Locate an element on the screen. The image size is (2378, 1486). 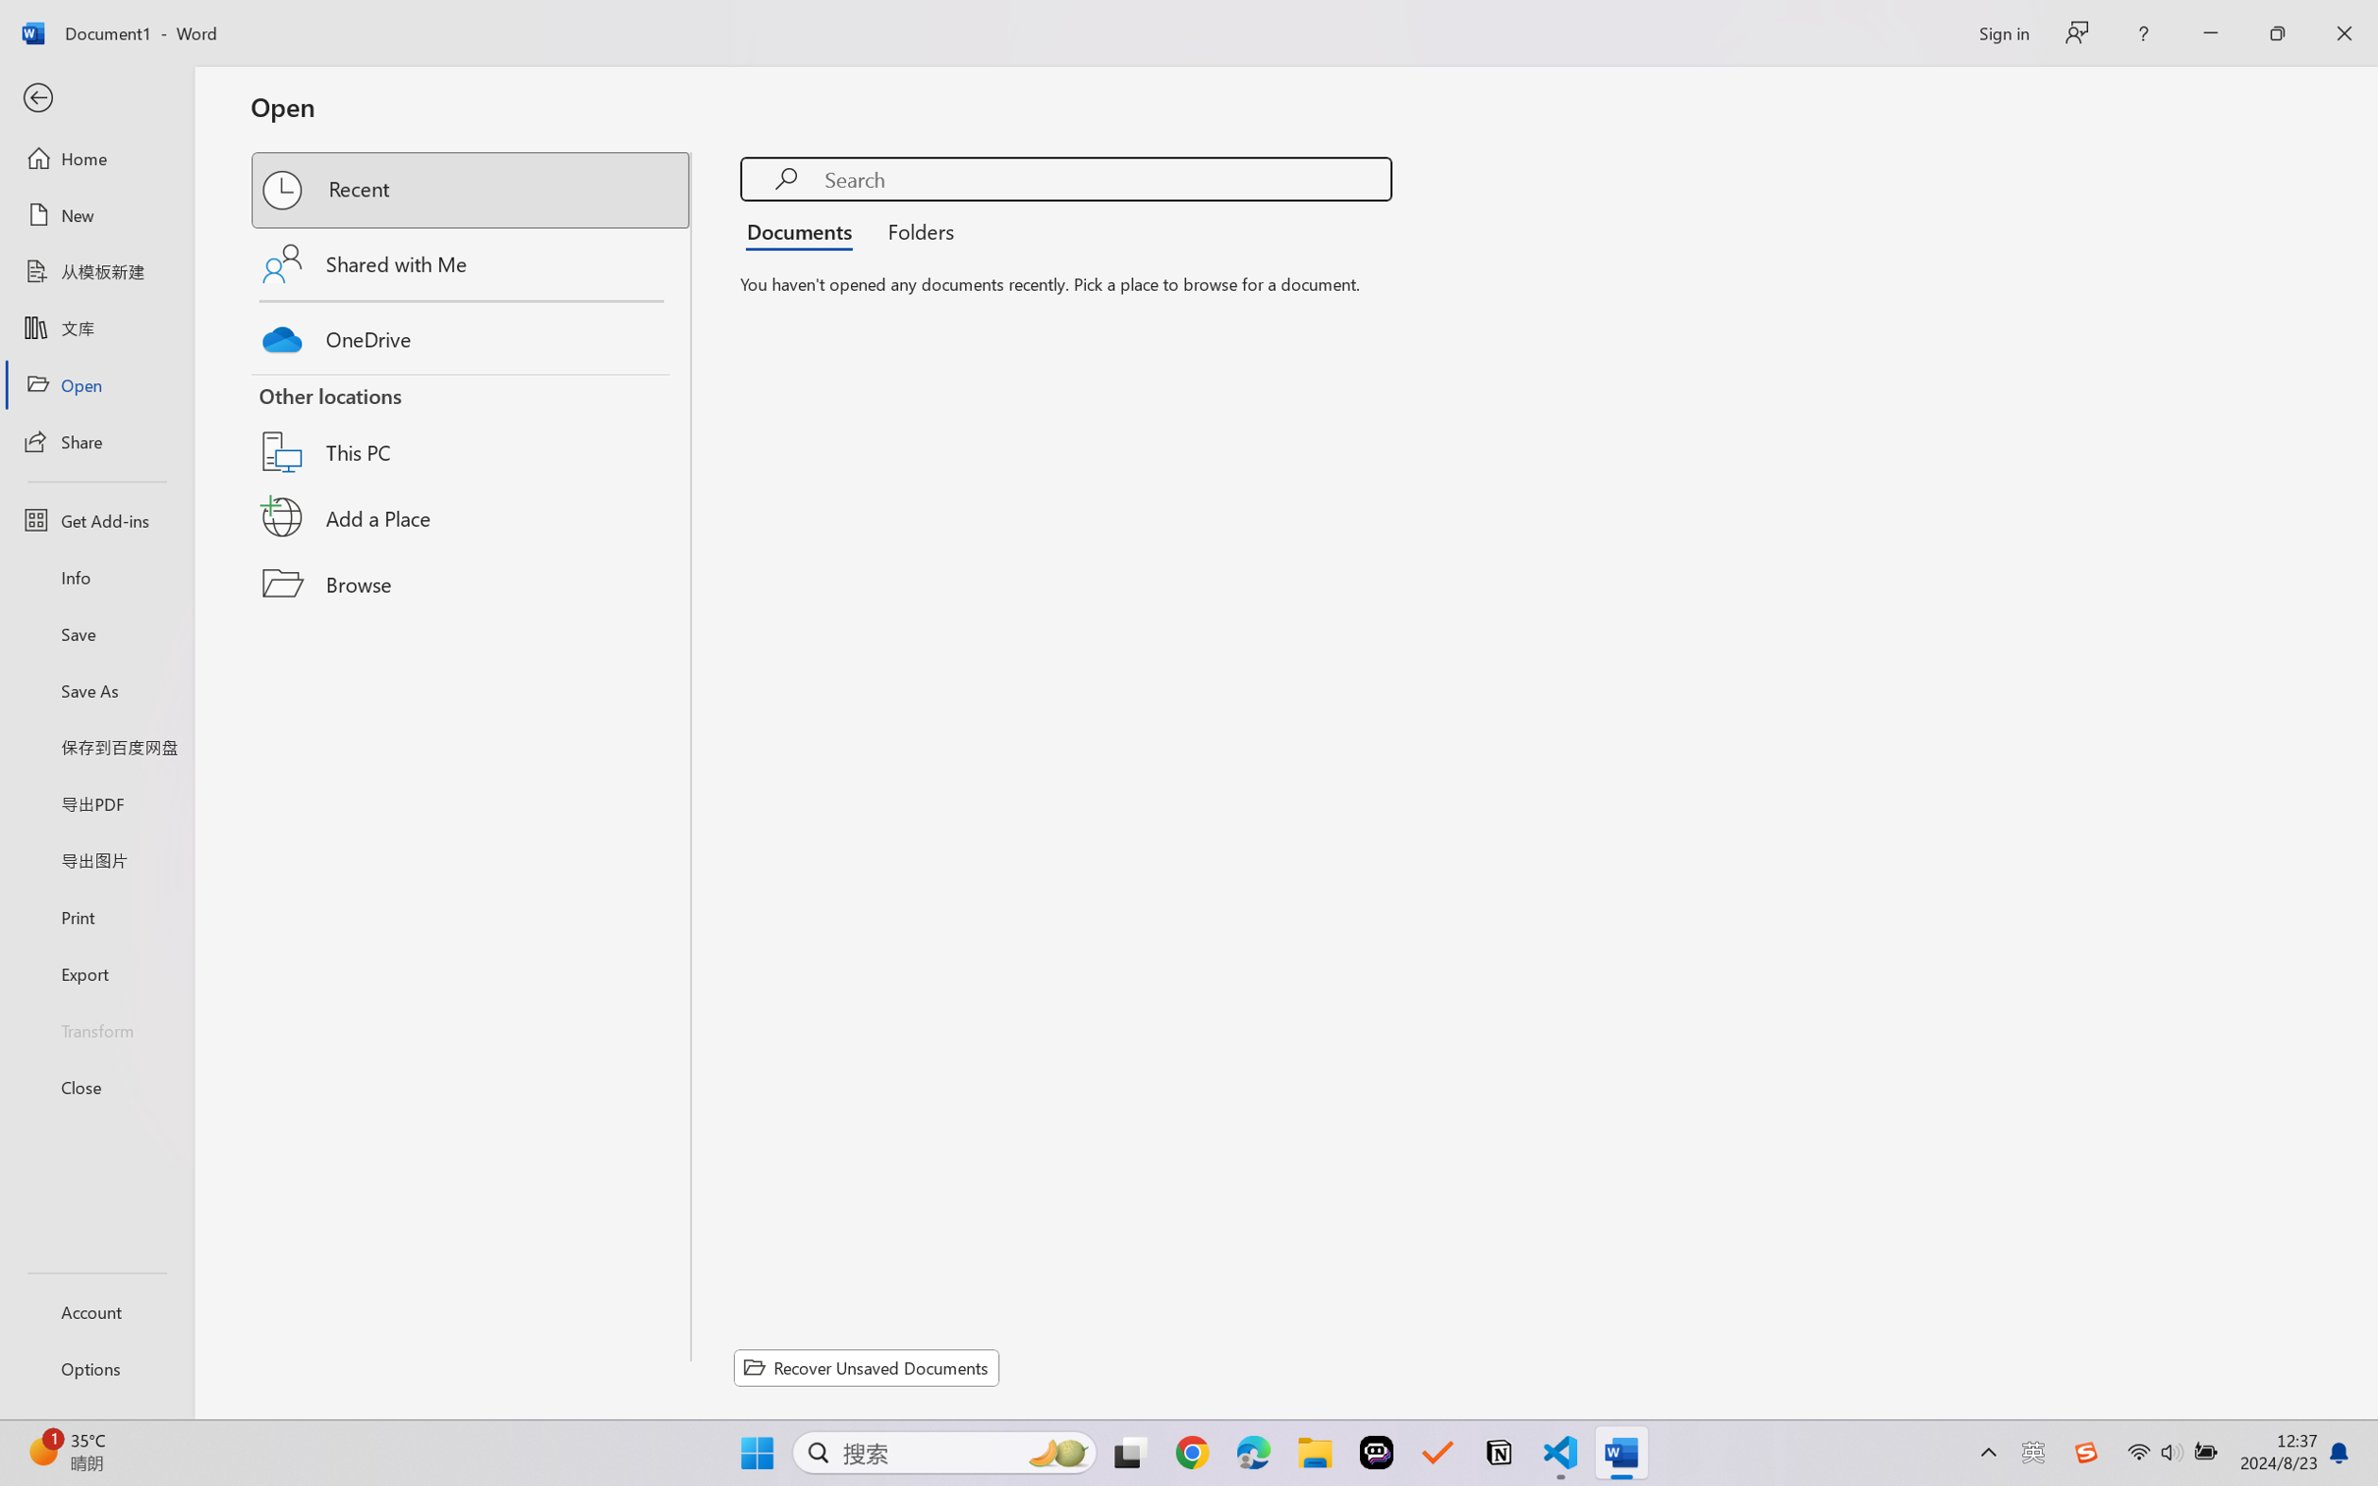
'Export' is located at coordinates (95, 972).